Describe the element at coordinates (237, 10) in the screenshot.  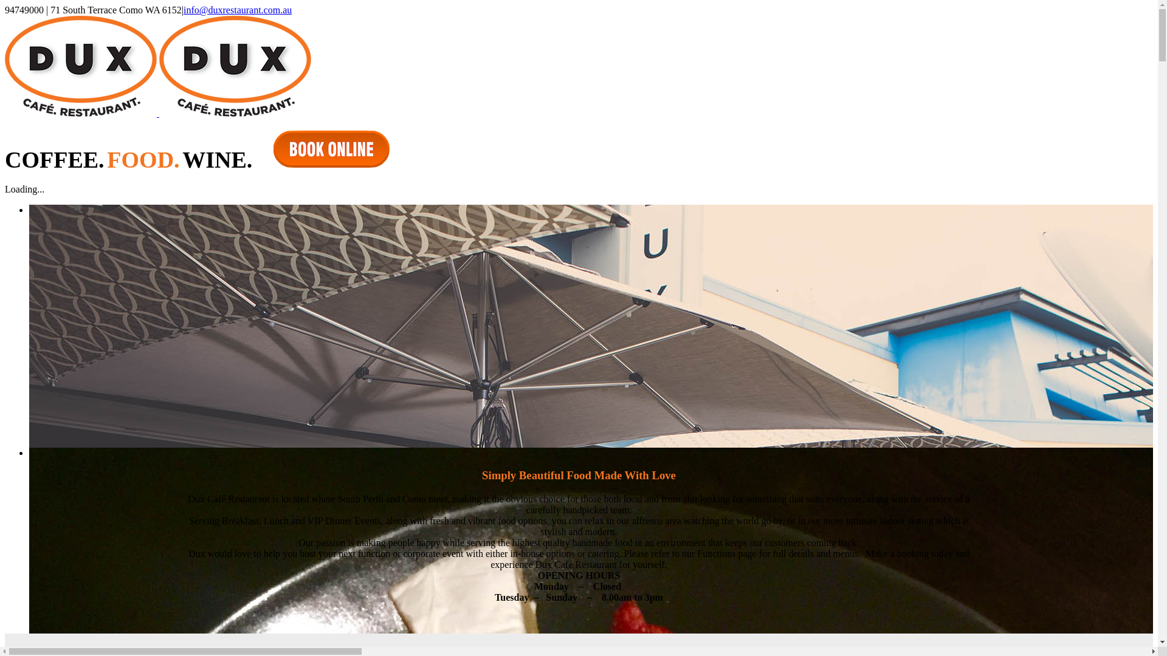
I see `'info@duxrestaurant.com.au'` at that location.